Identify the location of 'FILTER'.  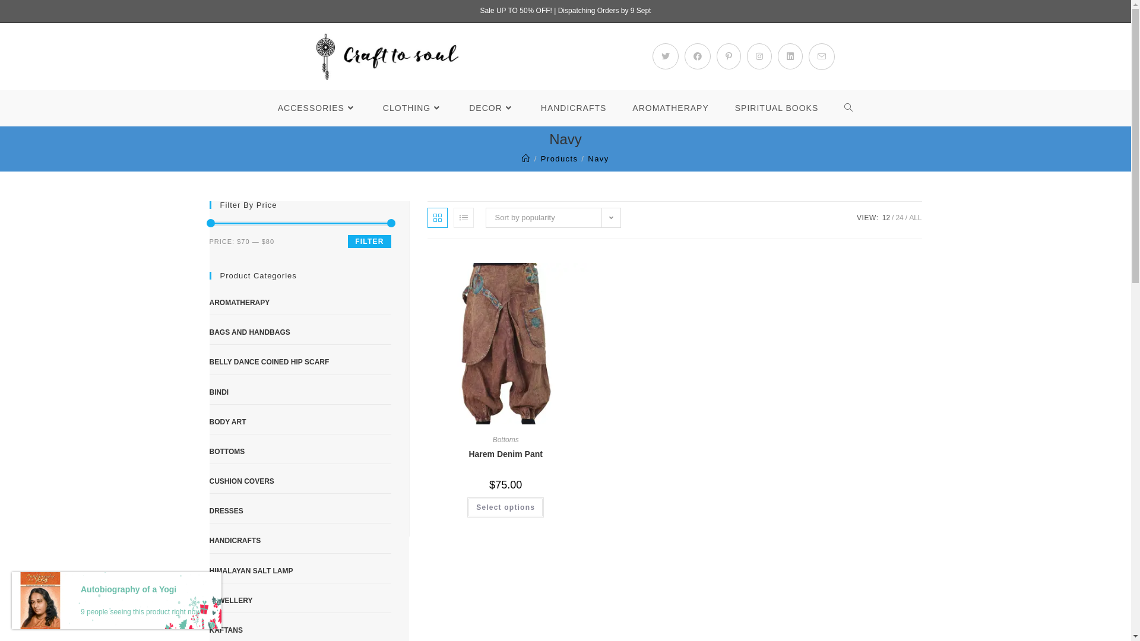
(369, 241).